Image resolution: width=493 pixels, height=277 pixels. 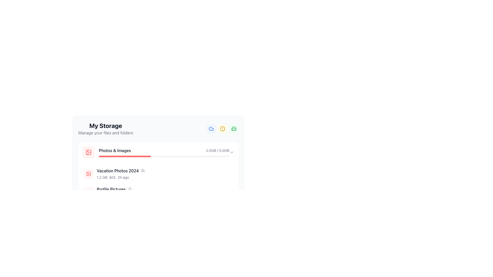 I want to click on the warning indicator icon located in the middle of three icons on the right side of the interface, so click(x=223, y=128).